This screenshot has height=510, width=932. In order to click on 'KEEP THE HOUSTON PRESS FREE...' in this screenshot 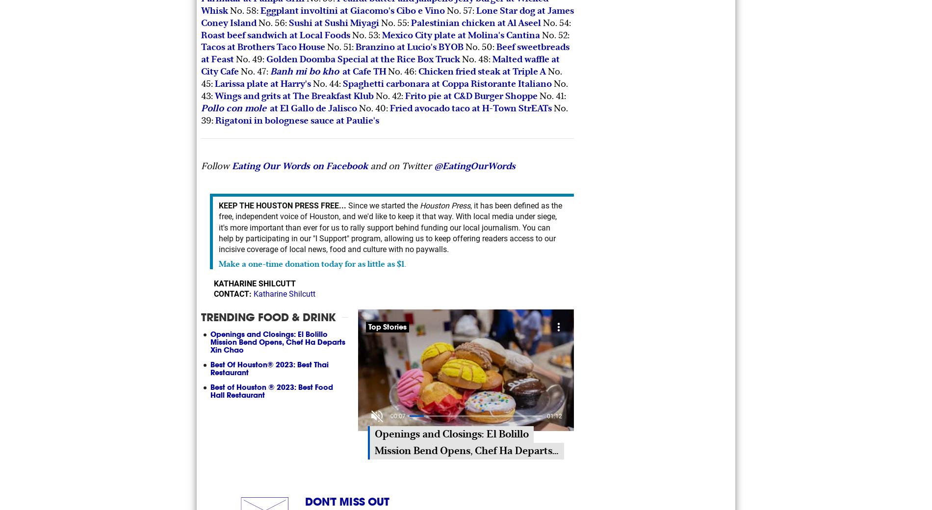, I will do `click(283, 205)`.